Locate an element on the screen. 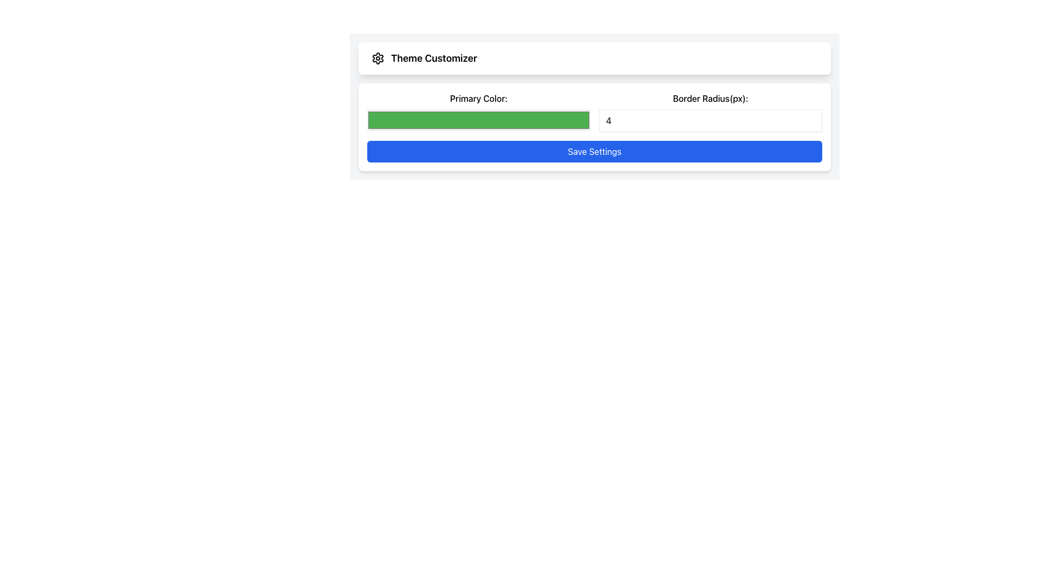 The height and width of the screenshot is (585, 1040). the settings icon that symbolizes customization options, located to the left of the text 'Theme Customizer' is located at coordinates (378, 58).